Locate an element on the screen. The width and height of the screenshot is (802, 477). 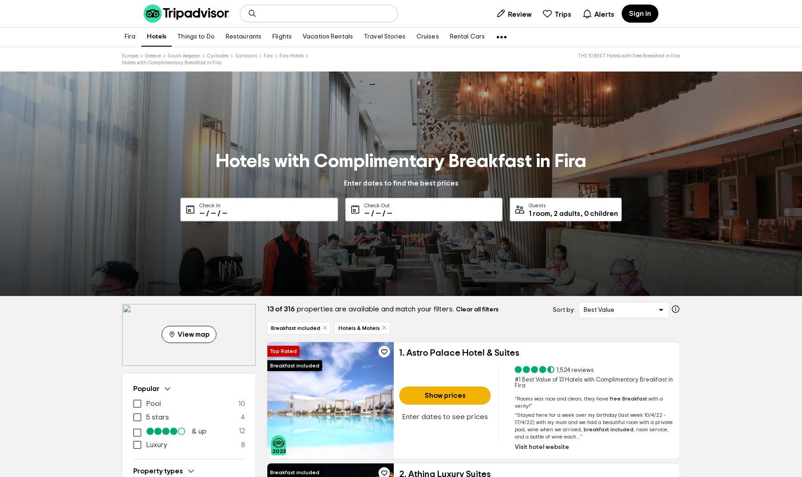
'8' is located at coordinates (243, 444).